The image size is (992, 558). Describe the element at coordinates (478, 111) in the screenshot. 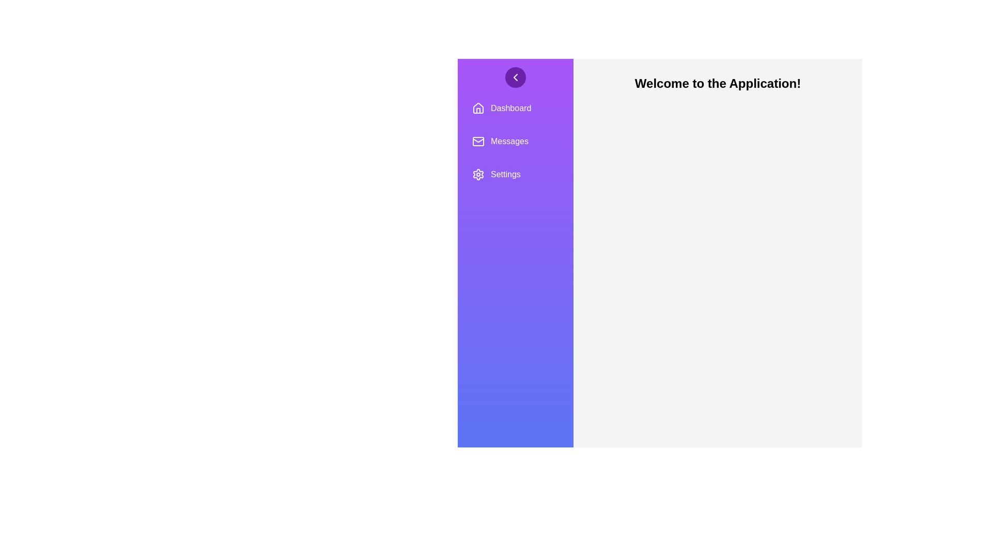

I see `the vertical rectangular component representing the door area of the house icon in the sidebar interface` at that location.